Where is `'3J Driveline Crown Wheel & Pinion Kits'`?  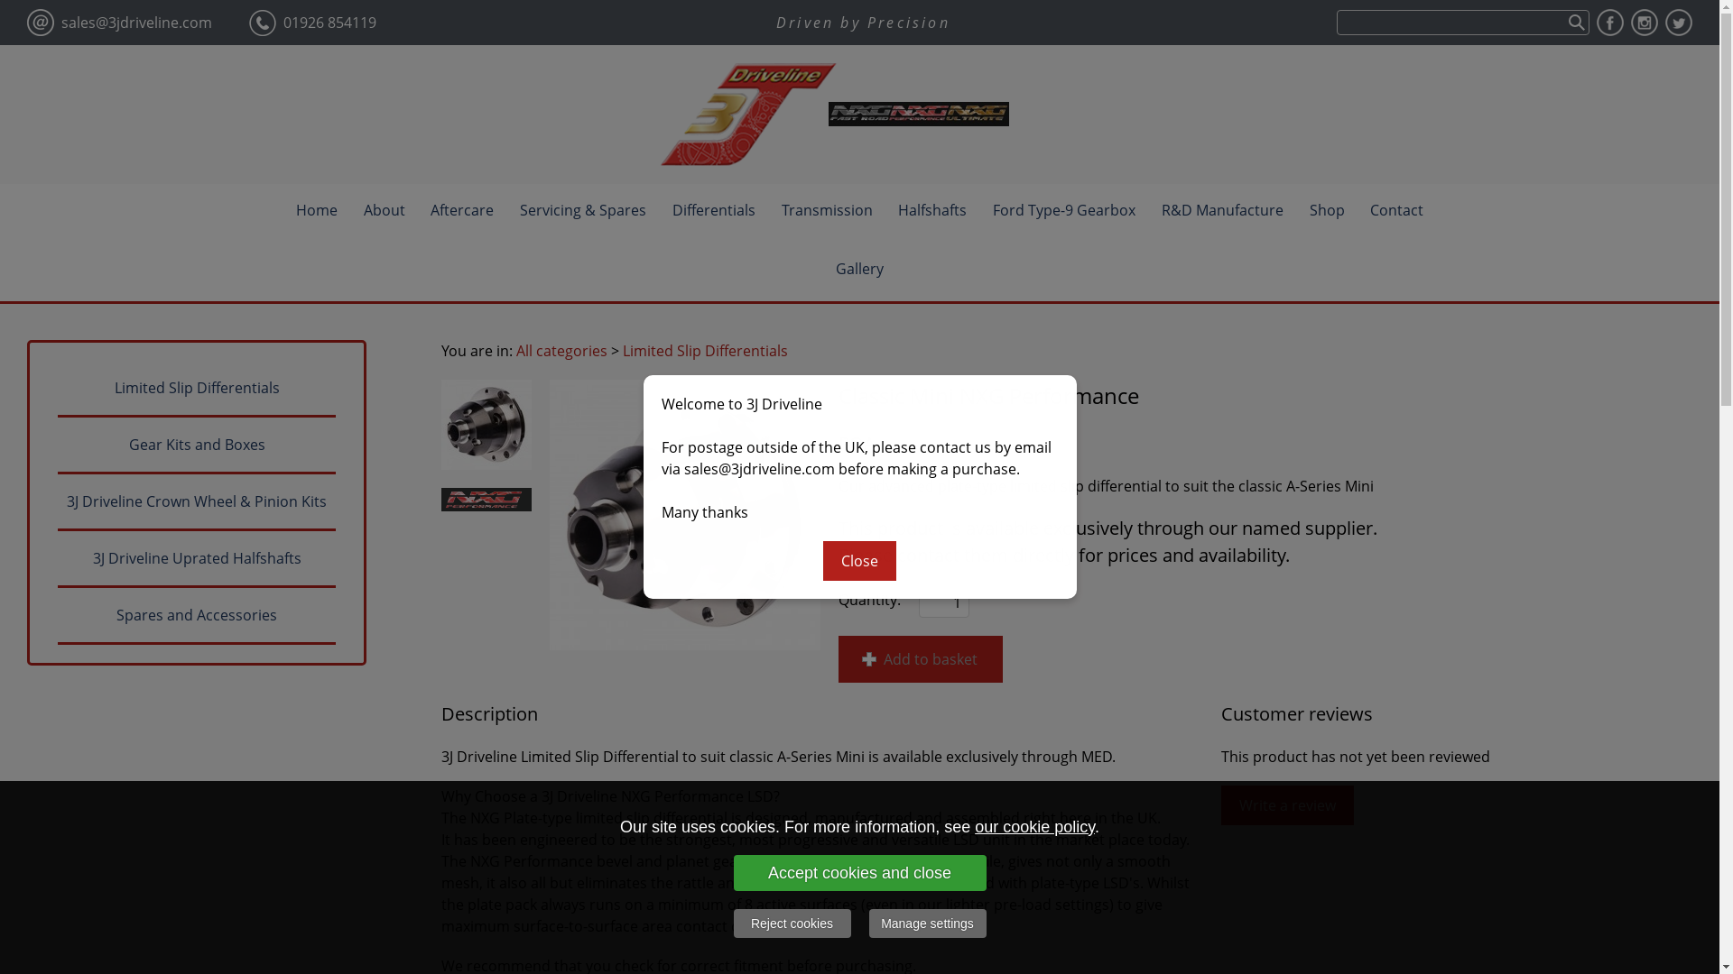
'3J Driveline Crown Wheel & Pinion Kits' is located at coordinates (196, 502).